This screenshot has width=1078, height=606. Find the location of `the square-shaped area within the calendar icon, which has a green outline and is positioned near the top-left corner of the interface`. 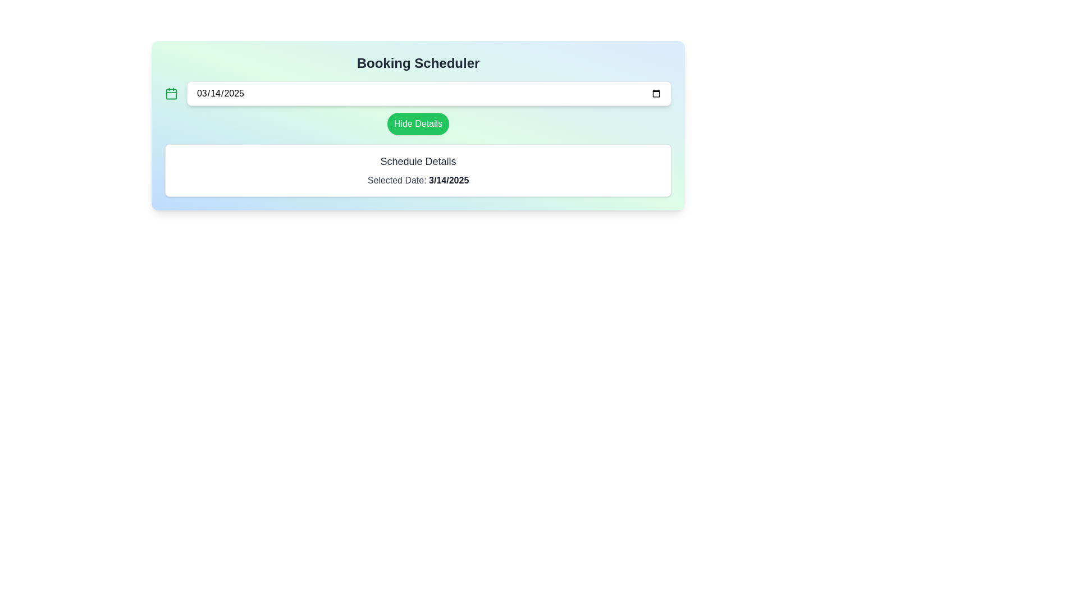

the square-shaped area within the calendar icon, which has a green outline and is positioned near the top-left corner of the interface is located at coordinates (171, 93).